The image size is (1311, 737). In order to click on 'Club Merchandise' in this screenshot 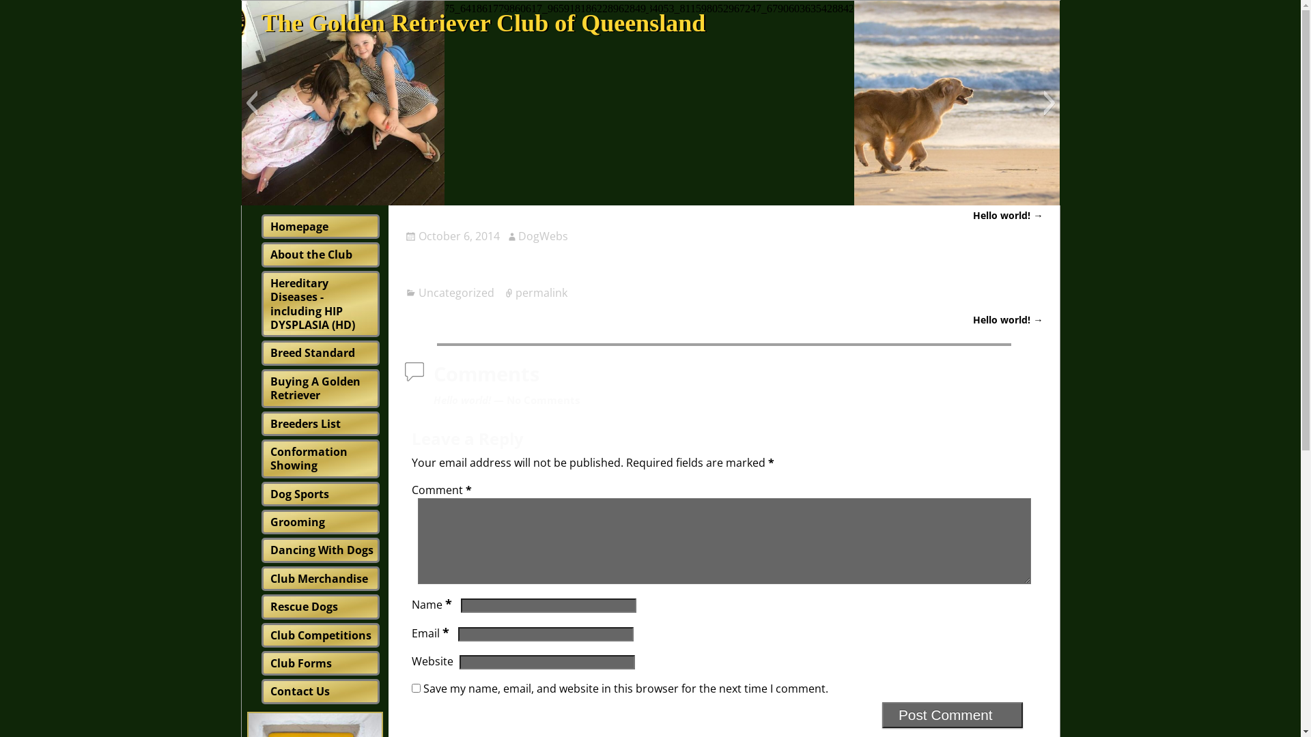, I will do `click(318, 579)`.